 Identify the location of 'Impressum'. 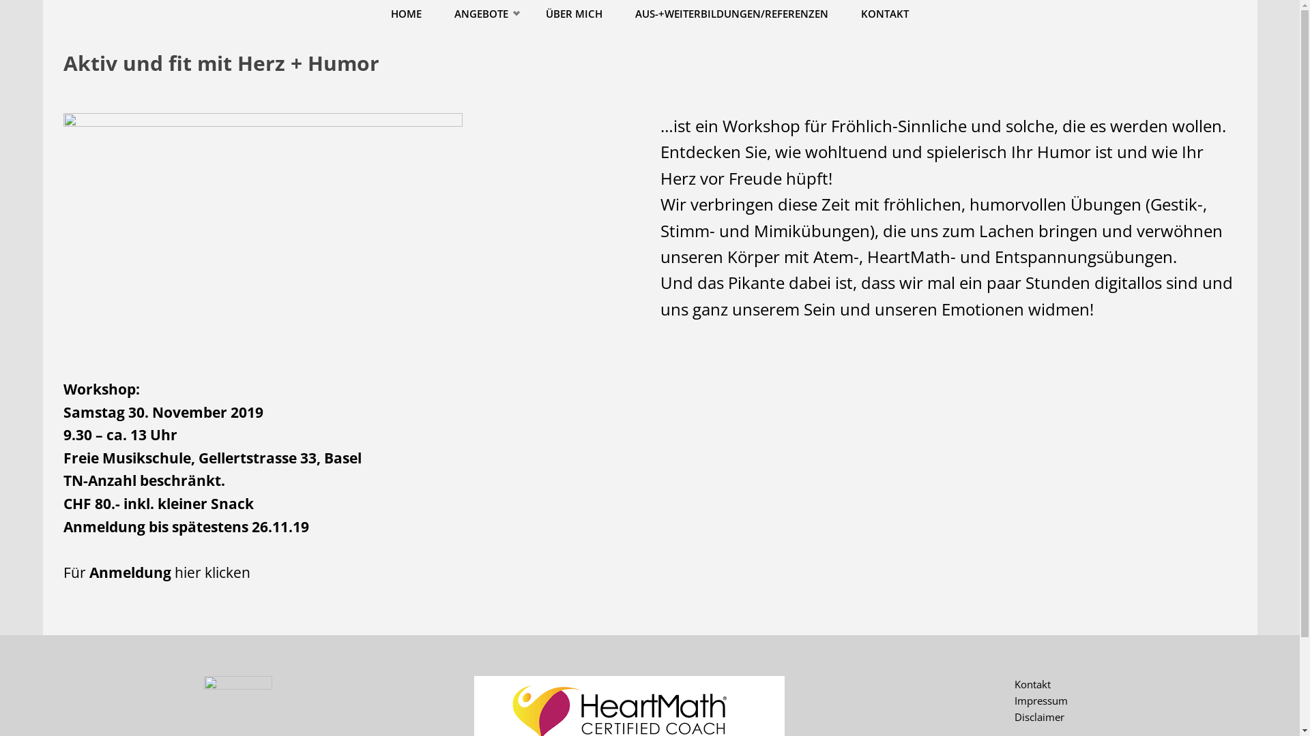
(1040, 701).